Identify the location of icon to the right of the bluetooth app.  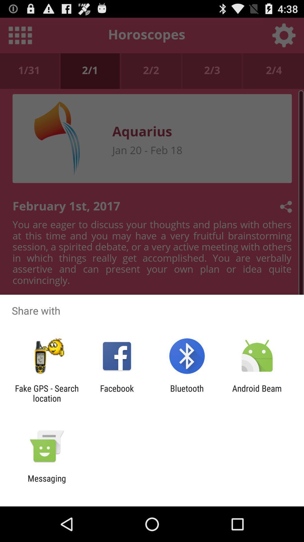
(257, 393).